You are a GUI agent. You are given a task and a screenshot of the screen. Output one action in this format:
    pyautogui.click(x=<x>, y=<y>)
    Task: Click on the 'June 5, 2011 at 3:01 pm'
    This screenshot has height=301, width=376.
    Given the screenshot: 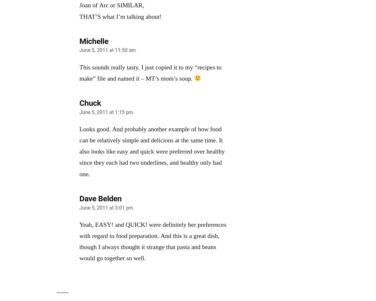 What is the action you would take?
    pyautogui.click(x=106, y=207)
    